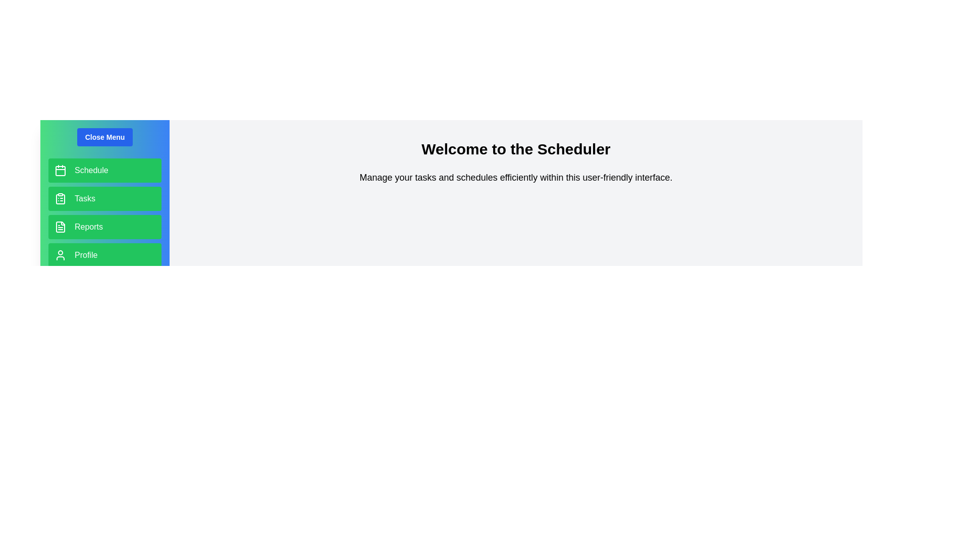  What do you see at coordinates (104, 227) in the screenshot?
I see `the menu item Reports to navigate to the corresponding section` at bounding box center [104, 227].